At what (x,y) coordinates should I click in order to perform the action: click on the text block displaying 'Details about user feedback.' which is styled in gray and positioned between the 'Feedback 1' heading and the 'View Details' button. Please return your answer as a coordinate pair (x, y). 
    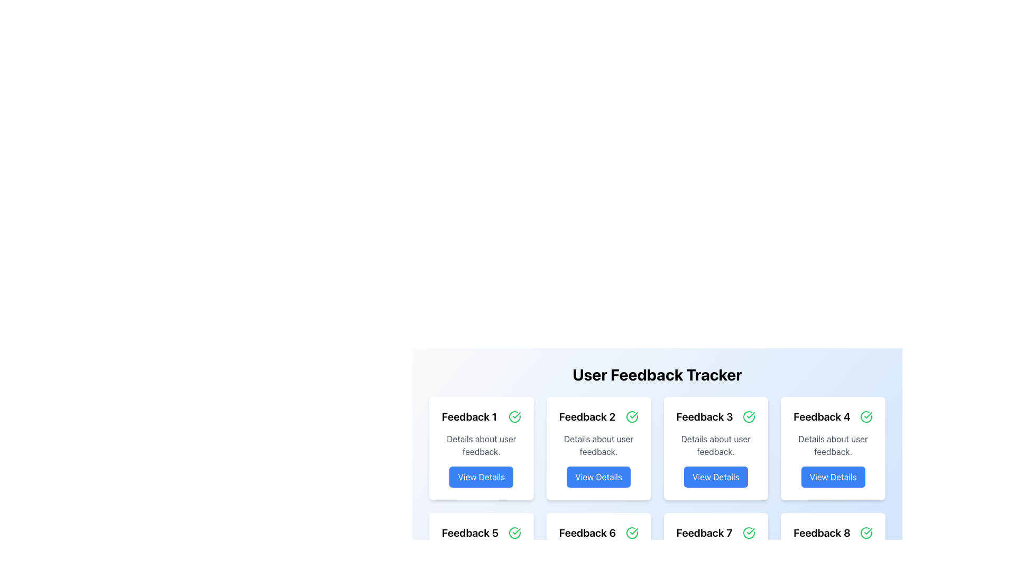
    Looking at the image, I should click on (481, 445).